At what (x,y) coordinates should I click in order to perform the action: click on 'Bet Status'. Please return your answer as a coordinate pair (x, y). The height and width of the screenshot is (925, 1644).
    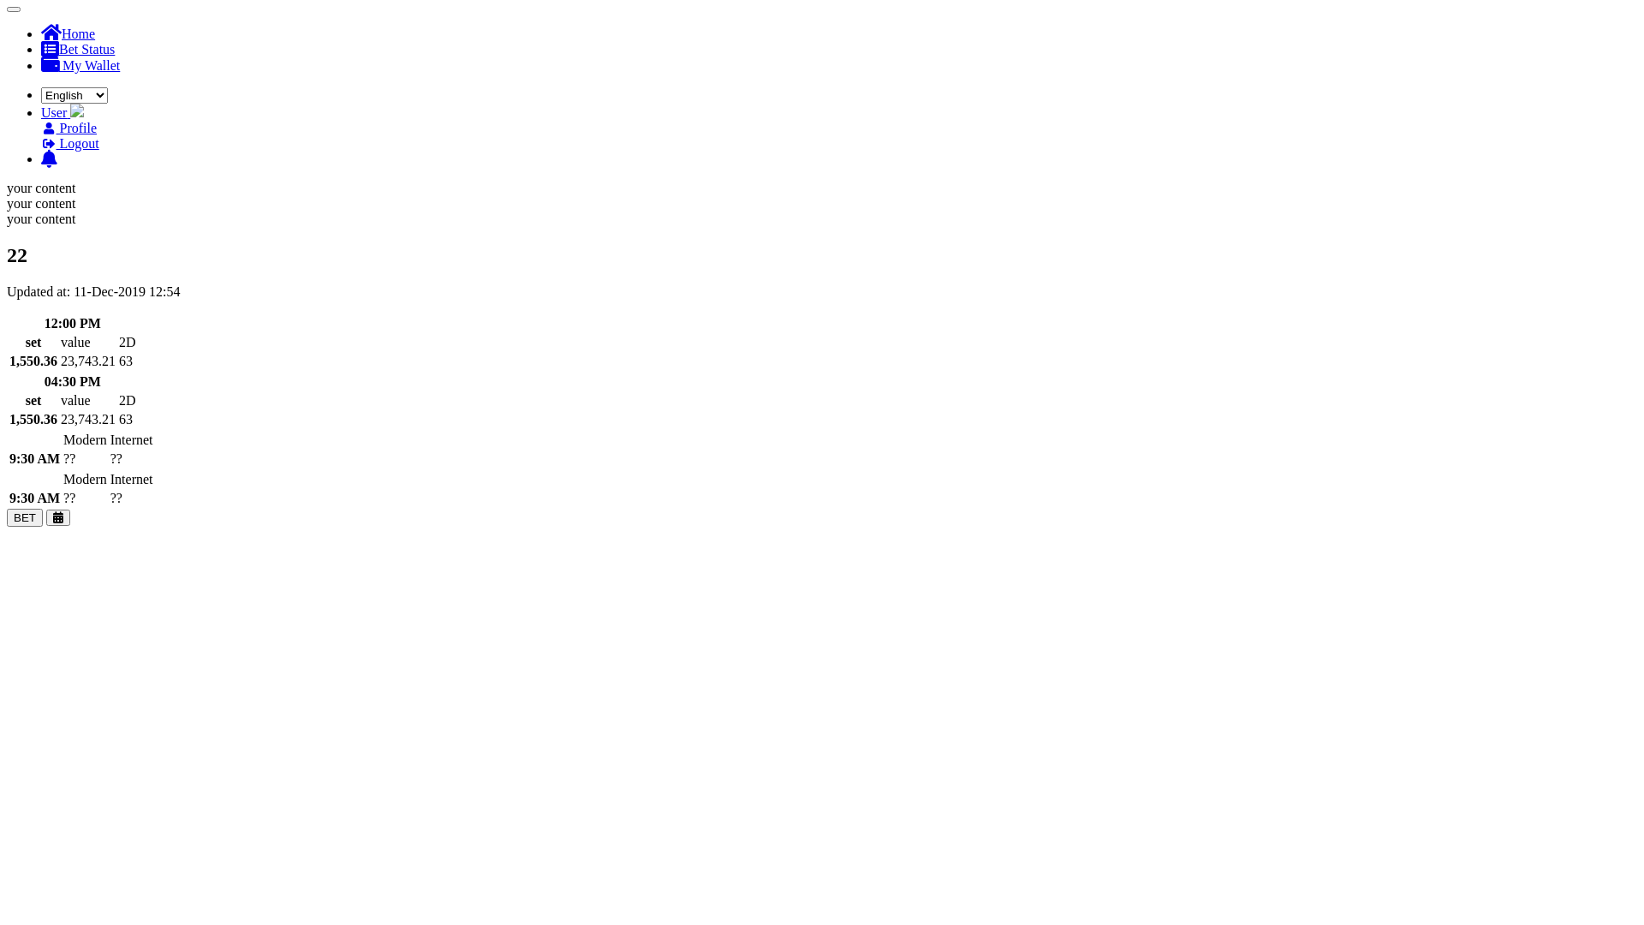
    Looking at the image, I should click on (77, 48).